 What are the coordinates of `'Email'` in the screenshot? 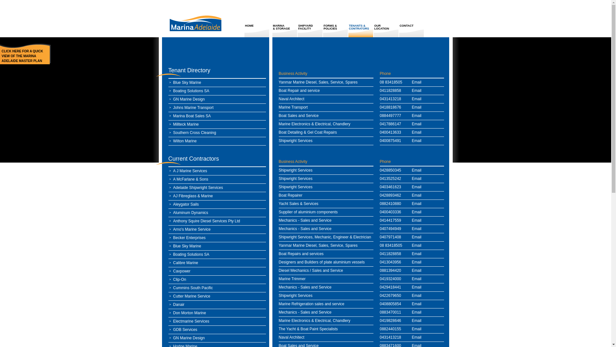 It's located at (417, 270).